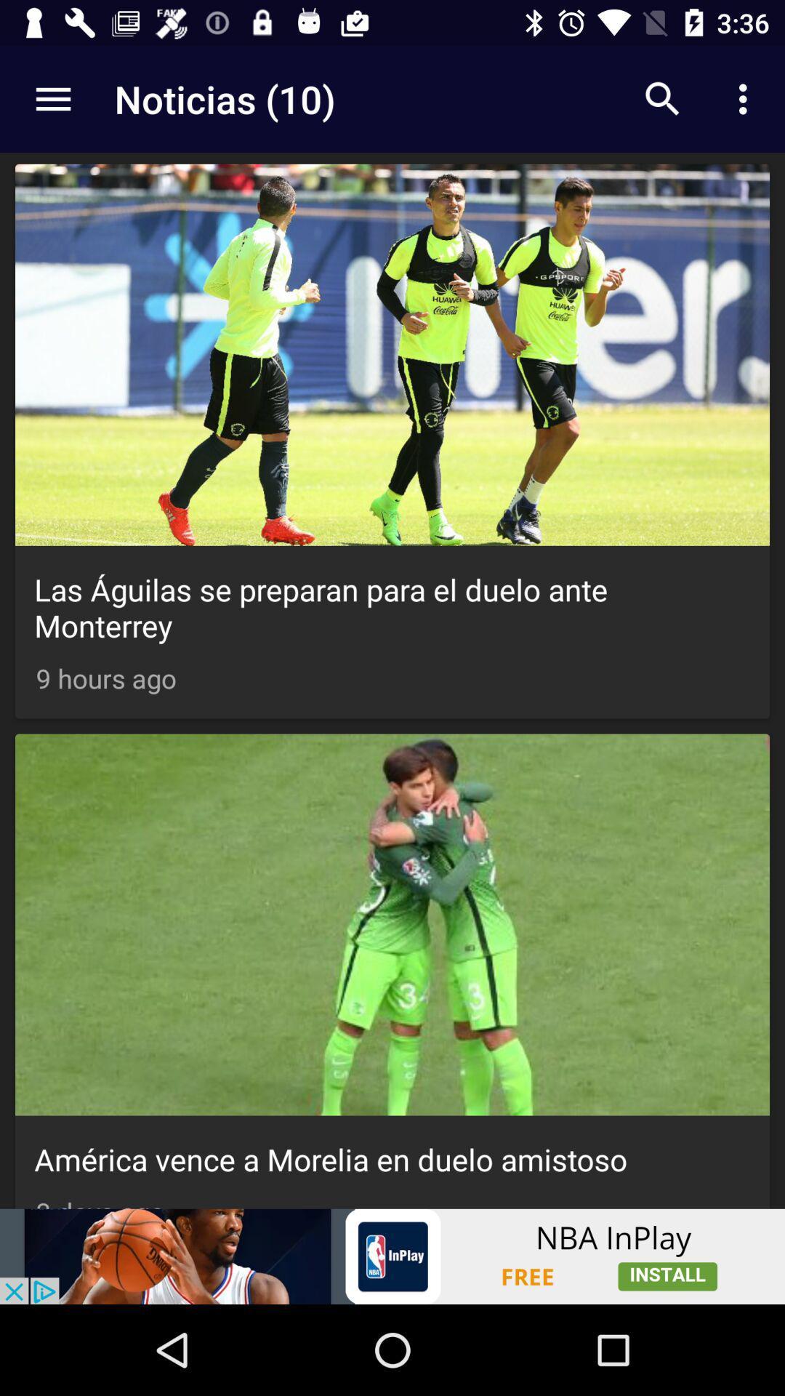 This screenshot has width=785, height=1396. I want to click on advertisement website, so click(392, 1256).